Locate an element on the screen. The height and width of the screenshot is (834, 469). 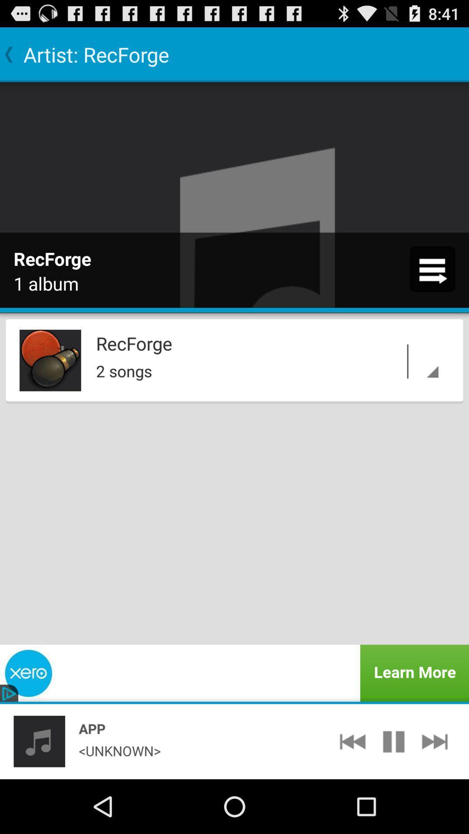
app next to 1 album is located at coordinates (432, 268).